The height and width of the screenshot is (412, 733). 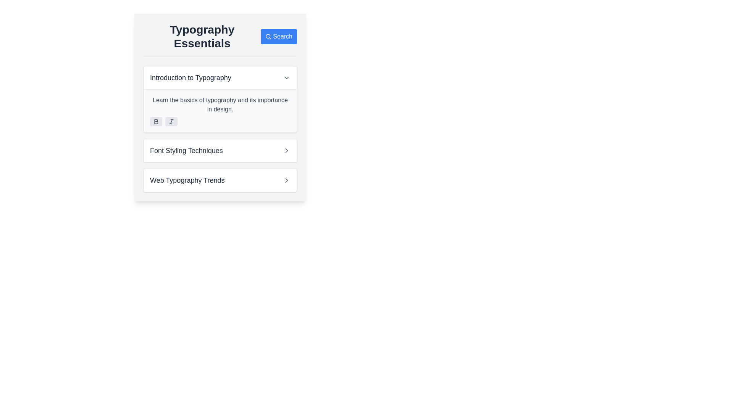 I want to click on the second list item in the 'Typography Essentials' section, which represents 'Font Styling Techniques', so click(x=220, y=150).